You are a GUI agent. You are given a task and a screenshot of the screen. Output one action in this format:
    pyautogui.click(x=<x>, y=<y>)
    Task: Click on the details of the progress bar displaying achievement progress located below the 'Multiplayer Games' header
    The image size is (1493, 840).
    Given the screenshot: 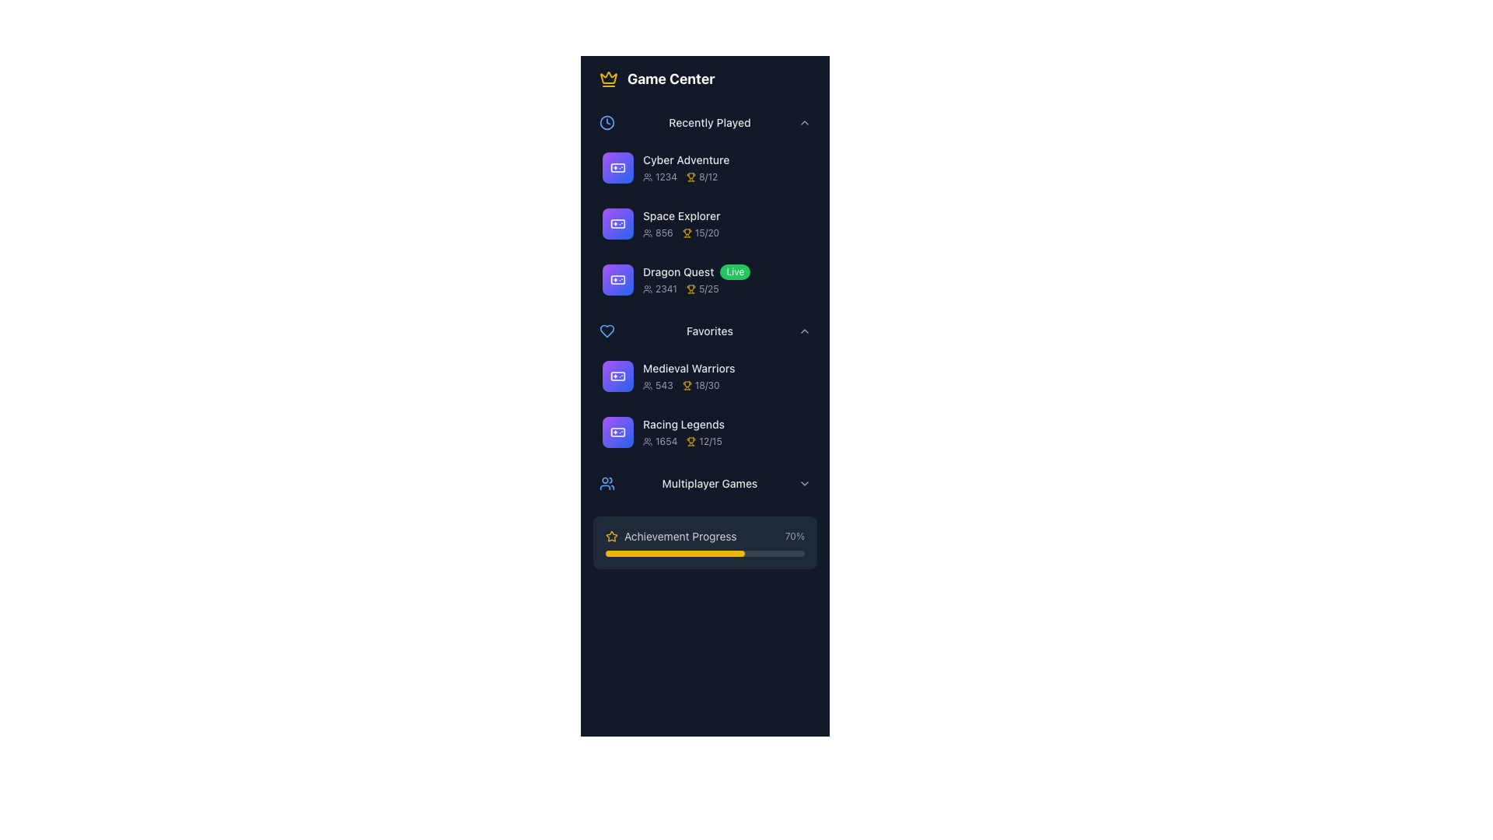 What is the action you would take?
    pyautogui.click(x=705, y=542)
    